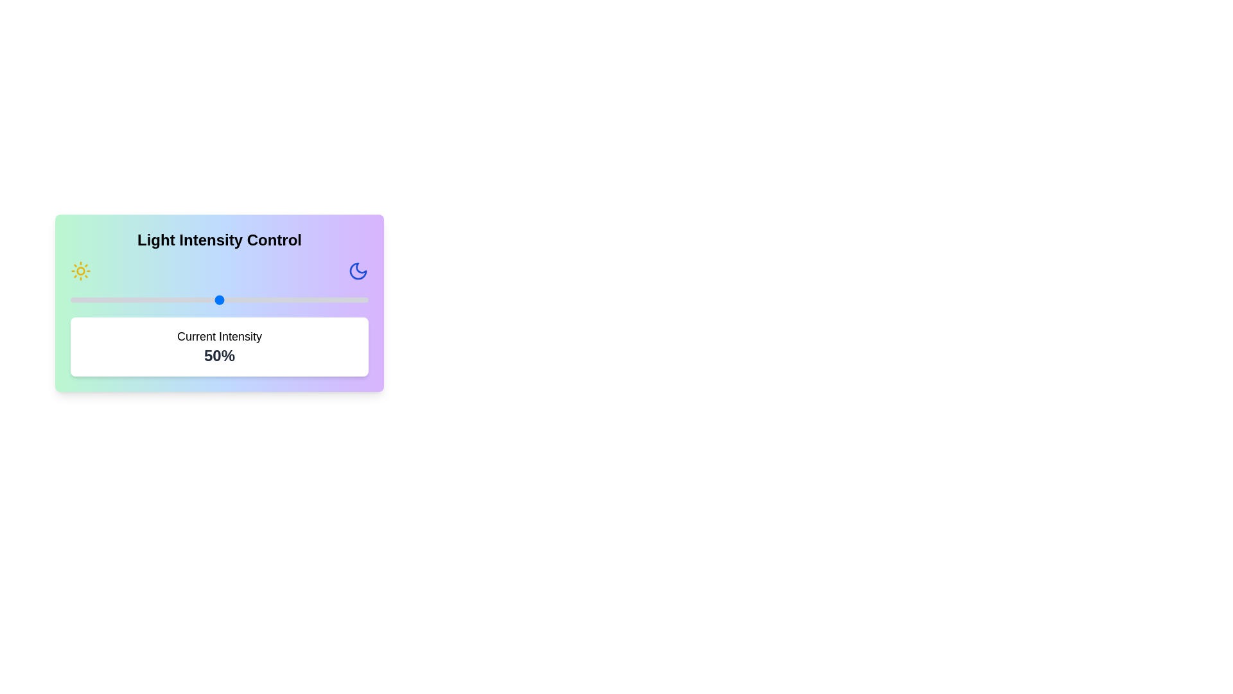  Describe the element at coordinates (219, 299) in the screenshot. I see `the horizontal range slider with a gray track and blue knob, situated between 'Light Intensity Control' and 'Current Intensity 50%'` at that location.